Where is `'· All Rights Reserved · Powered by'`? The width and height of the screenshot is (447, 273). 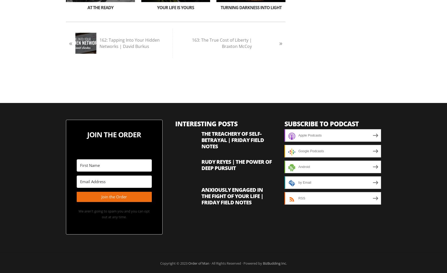
'· All Rights Reserved · Powered by' is located at coordinates (236, 263).